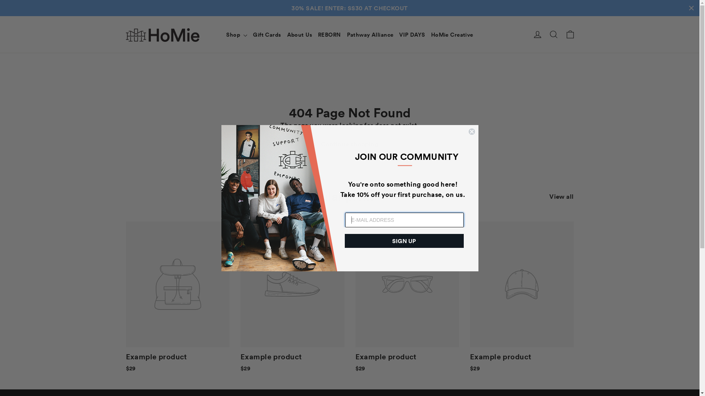  What do you see at coordinates (370, 18) in the screenshot?
I see `'Pathway Alliance'` at bounding box center [370, 18].